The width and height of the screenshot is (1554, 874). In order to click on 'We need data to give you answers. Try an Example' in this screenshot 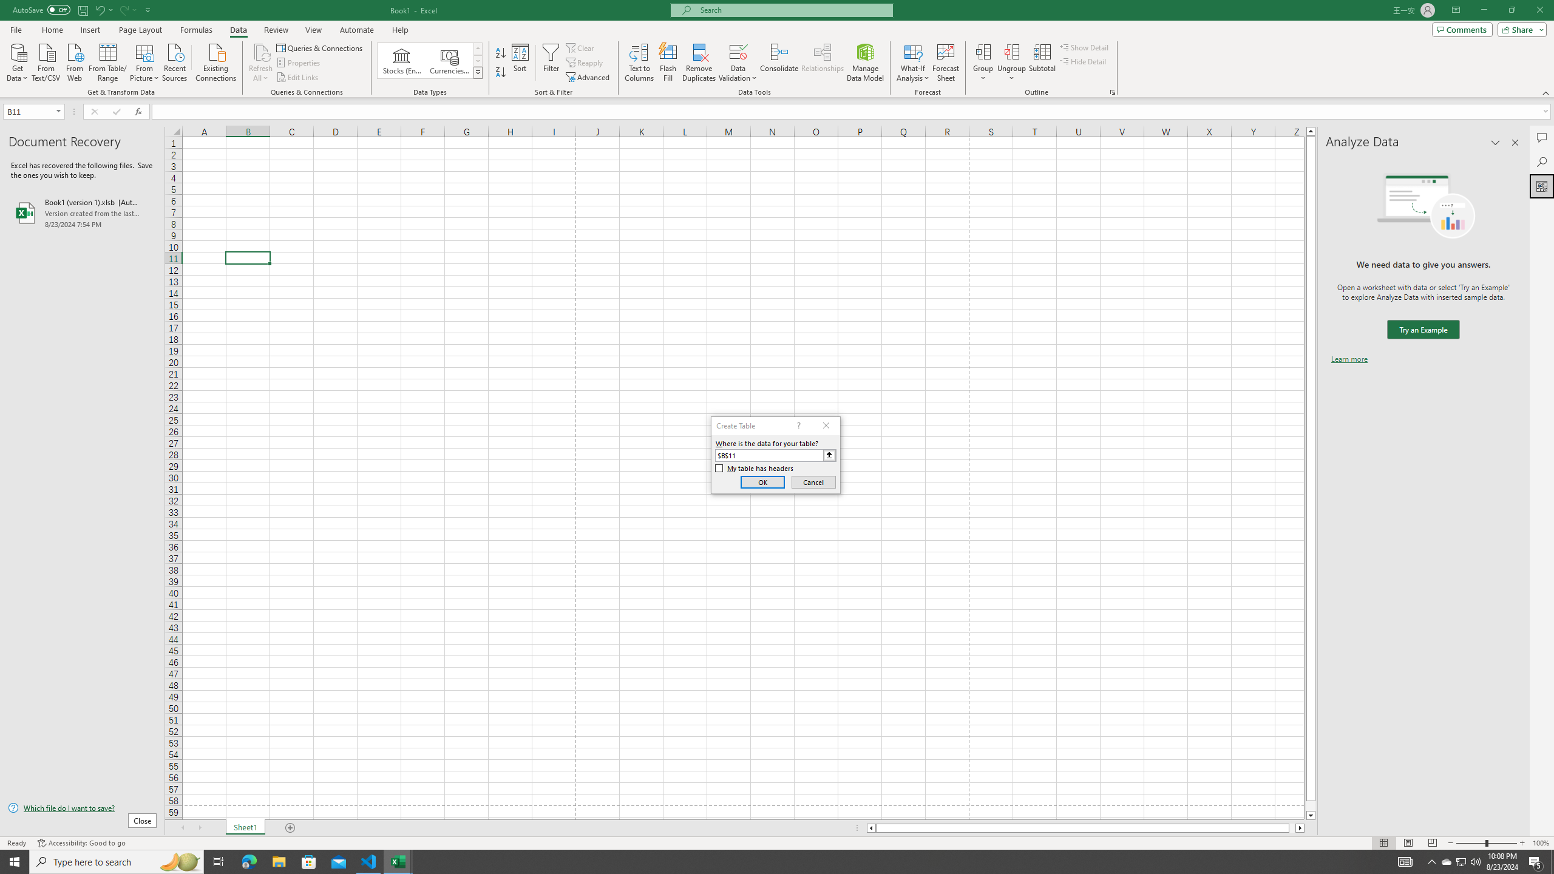, I will do `click(1422, 330)`.